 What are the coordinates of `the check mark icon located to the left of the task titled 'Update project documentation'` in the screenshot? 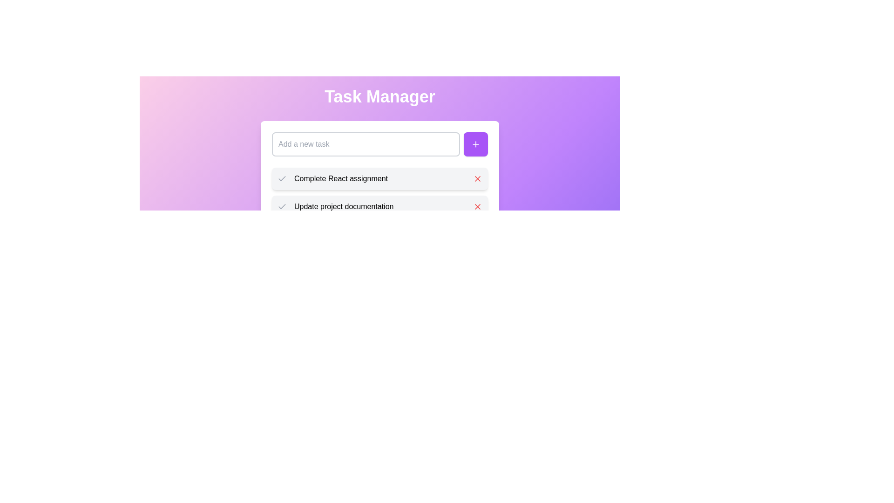 It's located at (281, 178).